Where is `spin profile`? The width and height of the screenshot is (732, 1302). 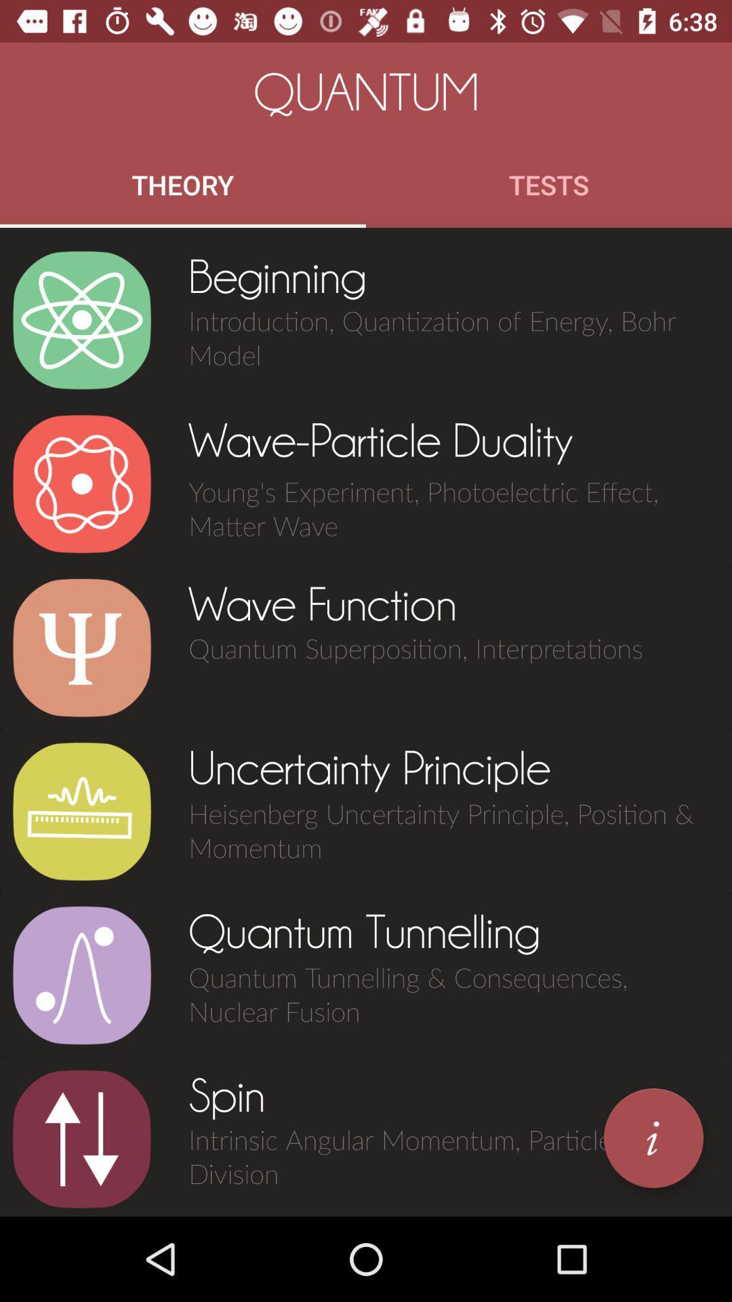
spin profile is located at coordinates (81, 1139).